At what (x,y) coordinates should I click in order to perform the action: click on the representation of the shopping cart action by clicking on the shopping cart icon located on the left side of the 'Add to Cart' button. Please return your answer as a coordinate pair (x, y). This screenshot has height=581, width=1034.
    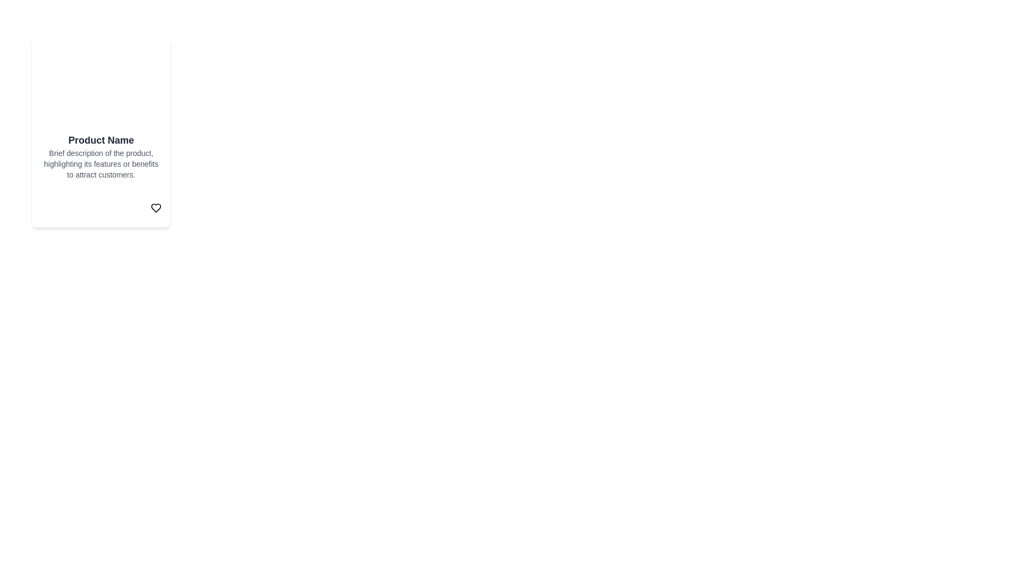
    Looking at the image, I should click on (53, 208).